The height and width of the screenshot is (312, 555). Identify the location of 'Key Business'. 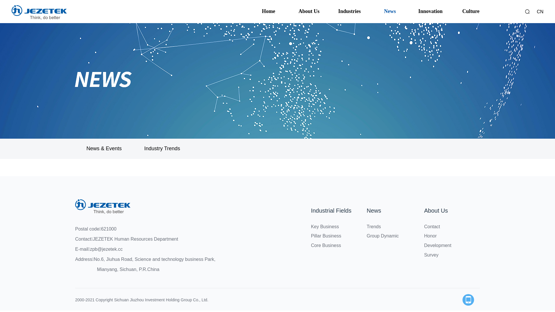
(325, 226).